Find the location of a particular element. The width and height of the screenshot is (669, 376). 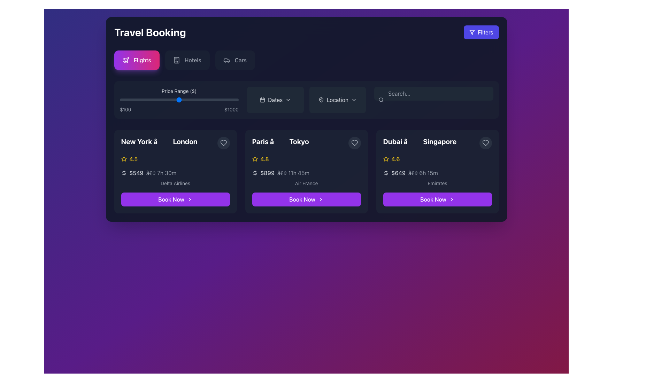

the yellow star icon located in the second card section from the left, which represents the trip from 'Paris' to 'Tokyo' is located at coordinates (254, 159).